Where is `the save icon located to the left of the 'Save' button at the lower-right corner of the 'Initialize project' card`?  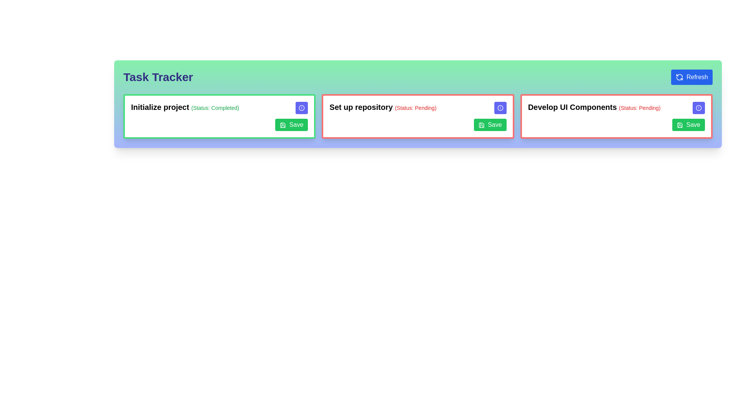 the save icon located to the left of the 'Save' button at the lower-right corner of the 'Initialize project' card is located at coordinates (283, 124).